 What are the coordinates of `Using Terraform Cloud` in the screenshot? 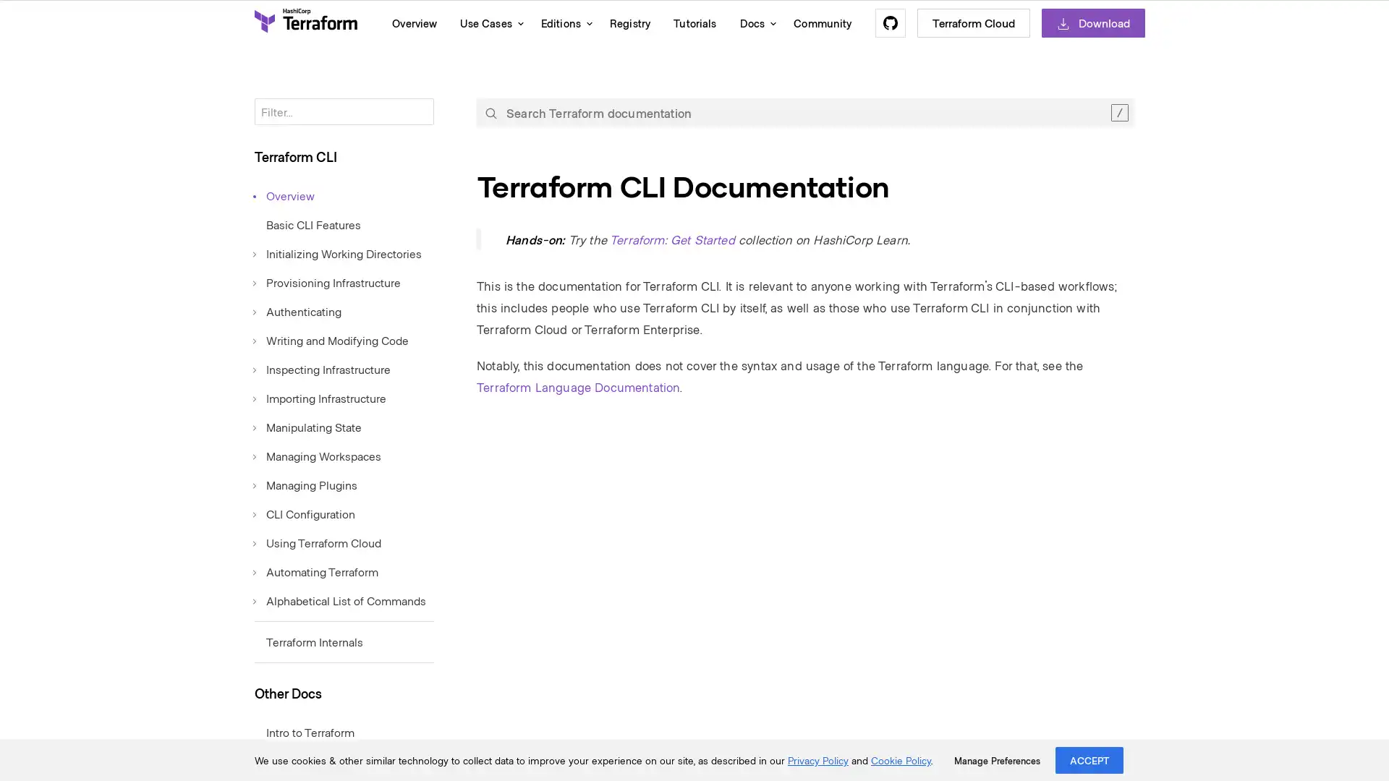 It's located at (317, 542).